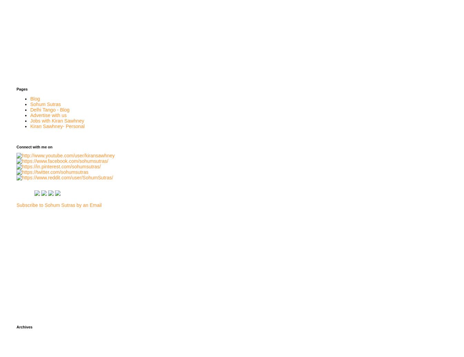 This screenshot has width=464, height=357. Describe the element at coordinates (57, 125) in the screenshot. I see `'Kiran Sawhney- Personal'` at that location.